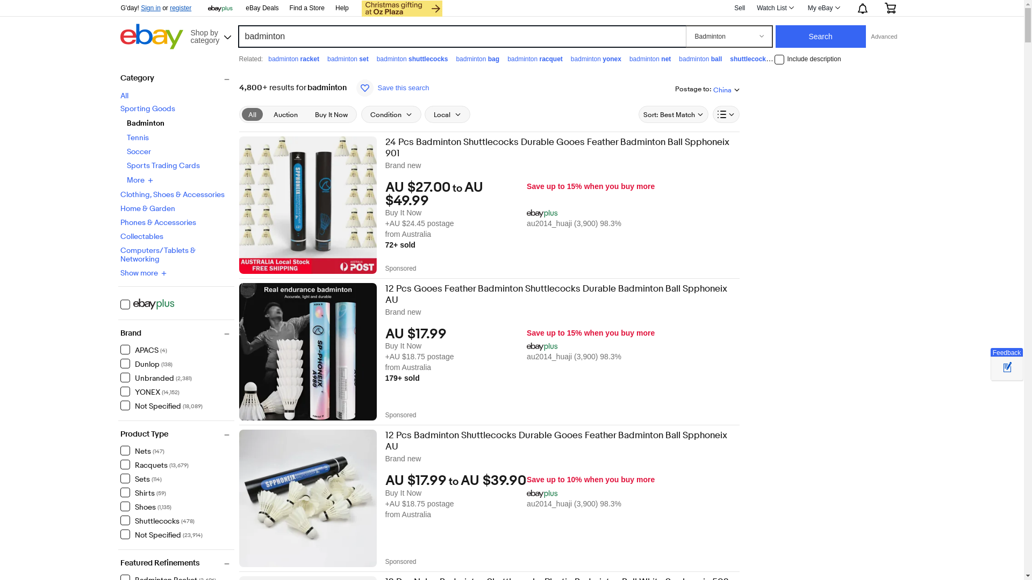 Image resolution: width=1032 pixels, height=580 pixels. What do you see at coordinates (306, 8) in the screenshot?
I see `'Find a Store'` at bounding box center [306, 8].